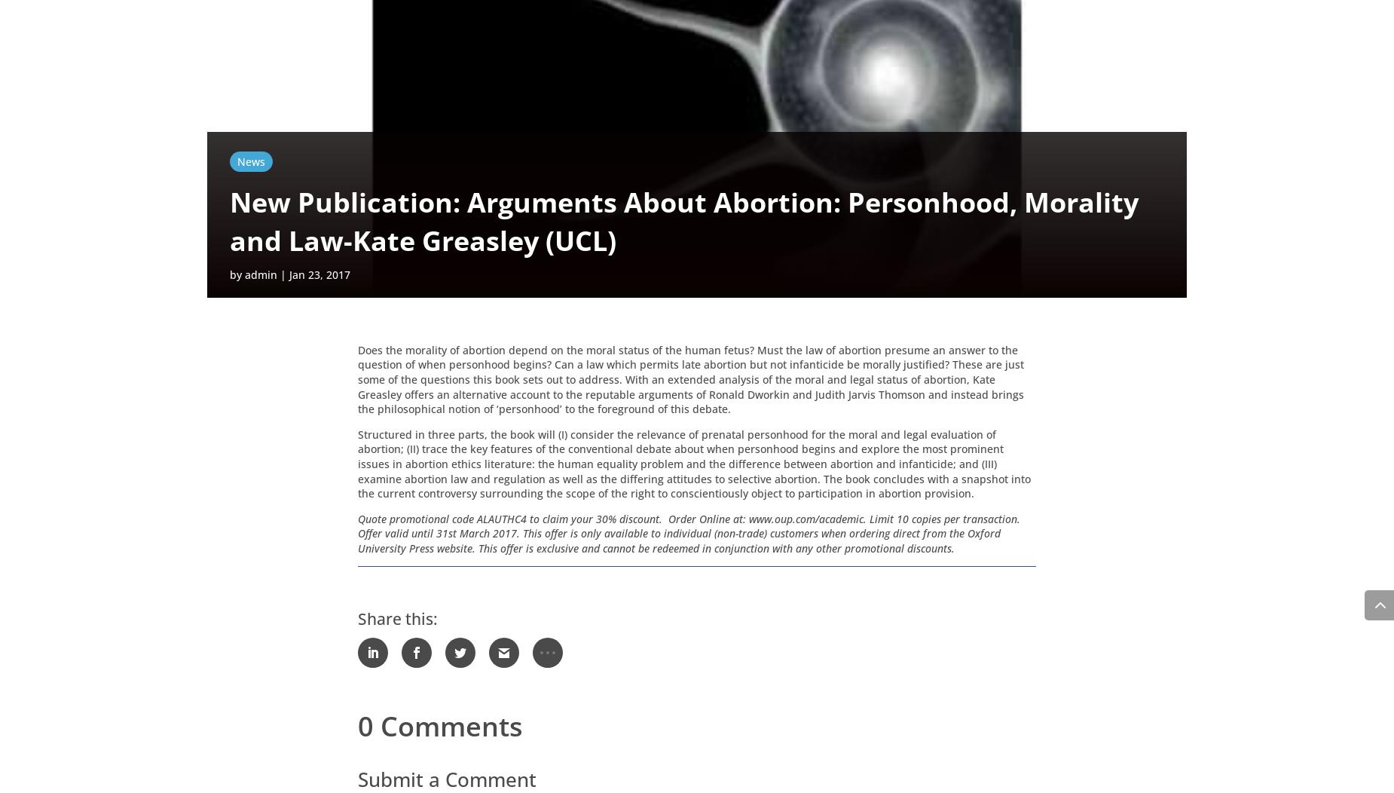 The height and width of the screenshot is (793, 1394). What do you see at coordinates (319, 277) in the screenshot?
I see `'Jan 23, 2017'` at bounding box center [319, 277].